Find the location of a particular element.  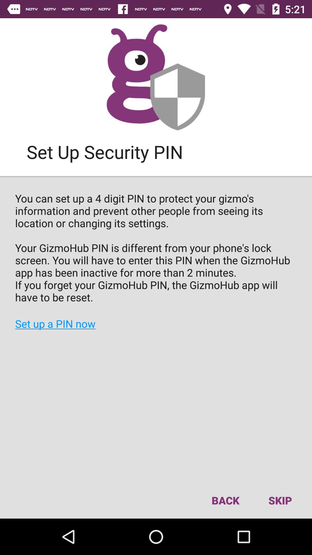

item below you can set item is located at coordinates (280, 500).